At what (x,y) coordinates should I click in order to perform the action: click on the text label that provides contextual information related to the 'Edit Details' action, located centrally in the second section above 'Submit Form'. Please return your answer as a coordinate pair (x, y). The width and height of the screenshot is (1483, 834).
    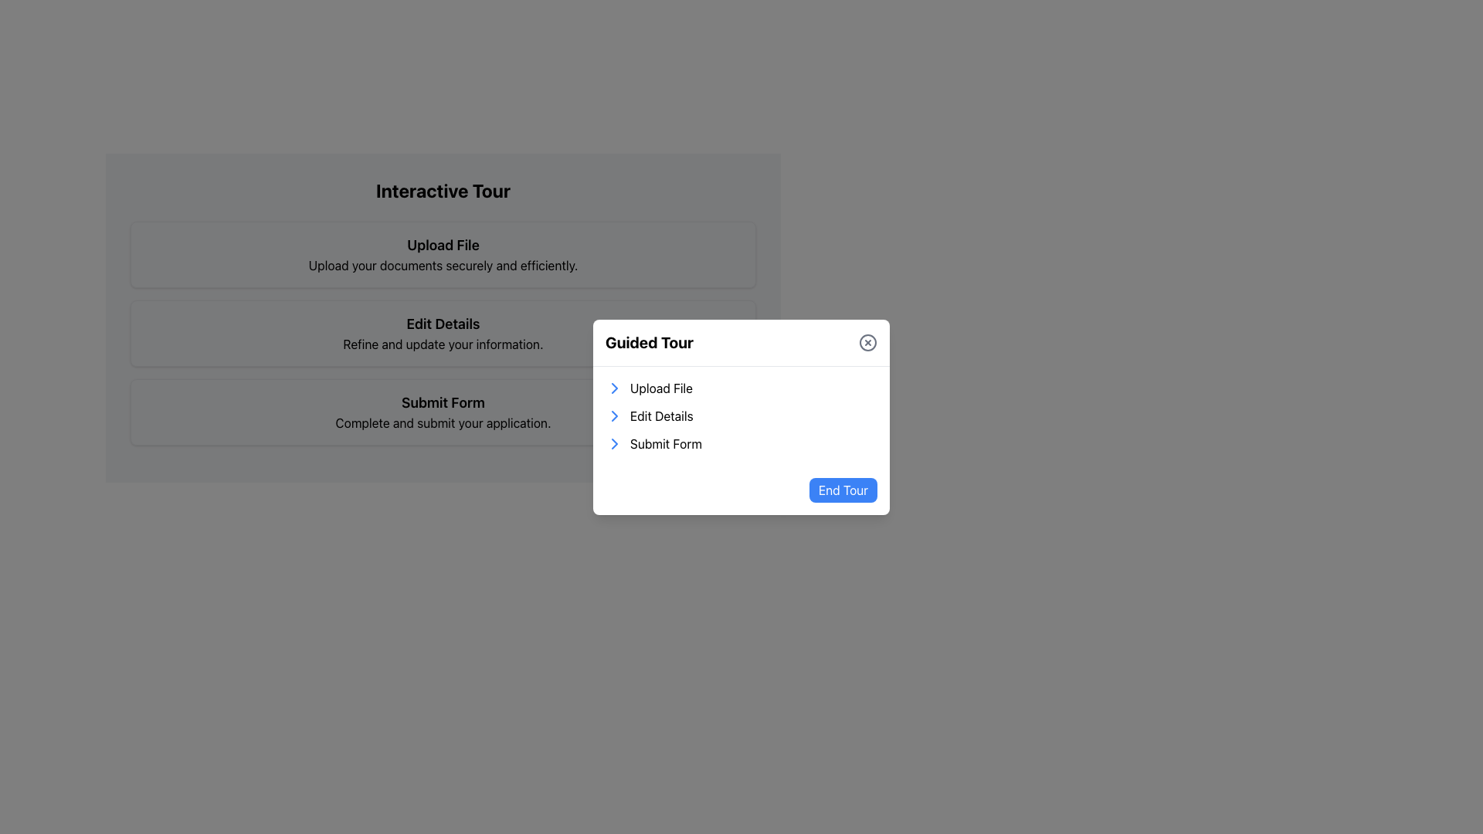
    Looking at the image, I should click on (443, 344).